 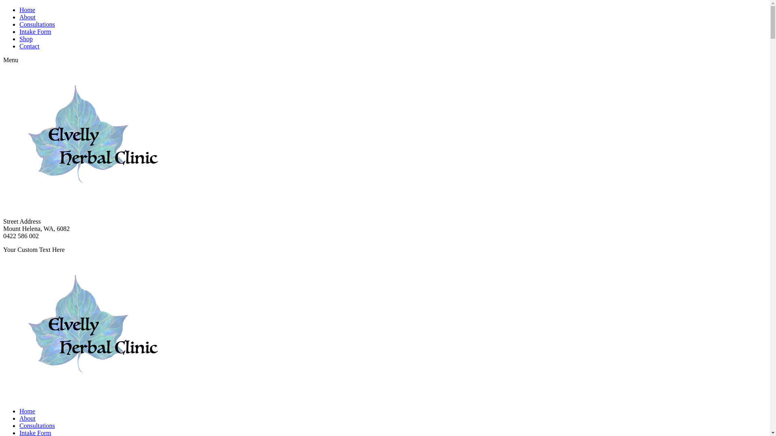 What do you see at coordinates (26, 39) in the screenshot?
I see `'Shop'` at bounding box center [26, 39].